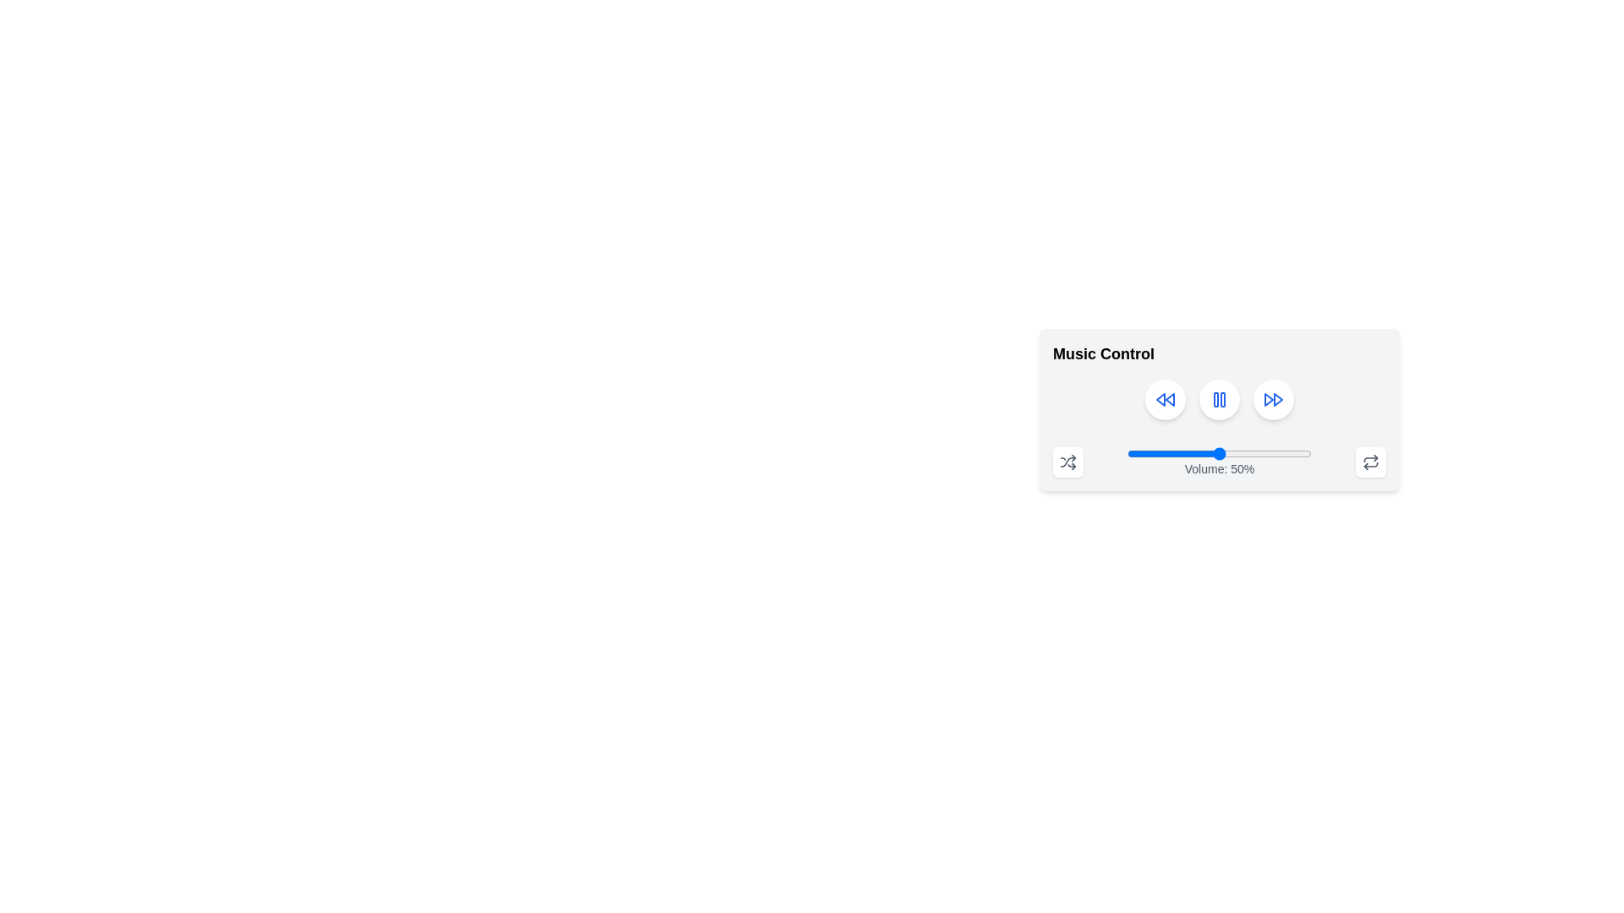 Image resolution: width=1624 pixels, height=913 pixels. Describe the element at coordinates (1067, 462) in the screenshot. I see `the curved line that is part of the shuffle icon located in the bottom-right corner of the music control interface` at that location.